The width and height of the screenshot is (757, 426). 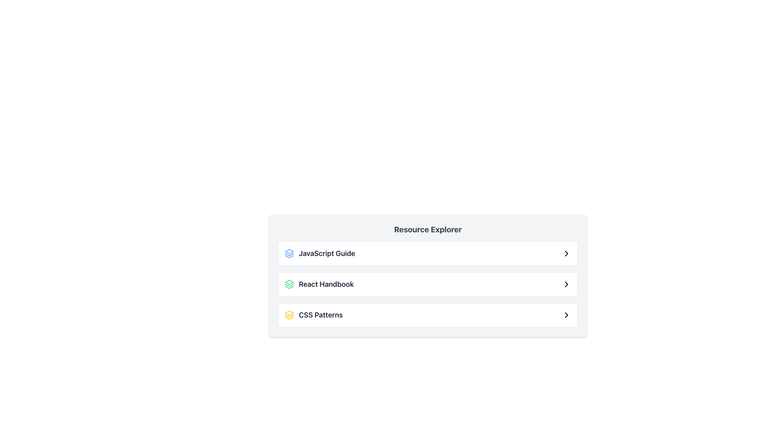 What do you see at coordinates (427, 284) in the screenshot?
I see `the second list item entry titled 'React Handbook' in the Resource Explorer section` at bounding box center [427, 284].